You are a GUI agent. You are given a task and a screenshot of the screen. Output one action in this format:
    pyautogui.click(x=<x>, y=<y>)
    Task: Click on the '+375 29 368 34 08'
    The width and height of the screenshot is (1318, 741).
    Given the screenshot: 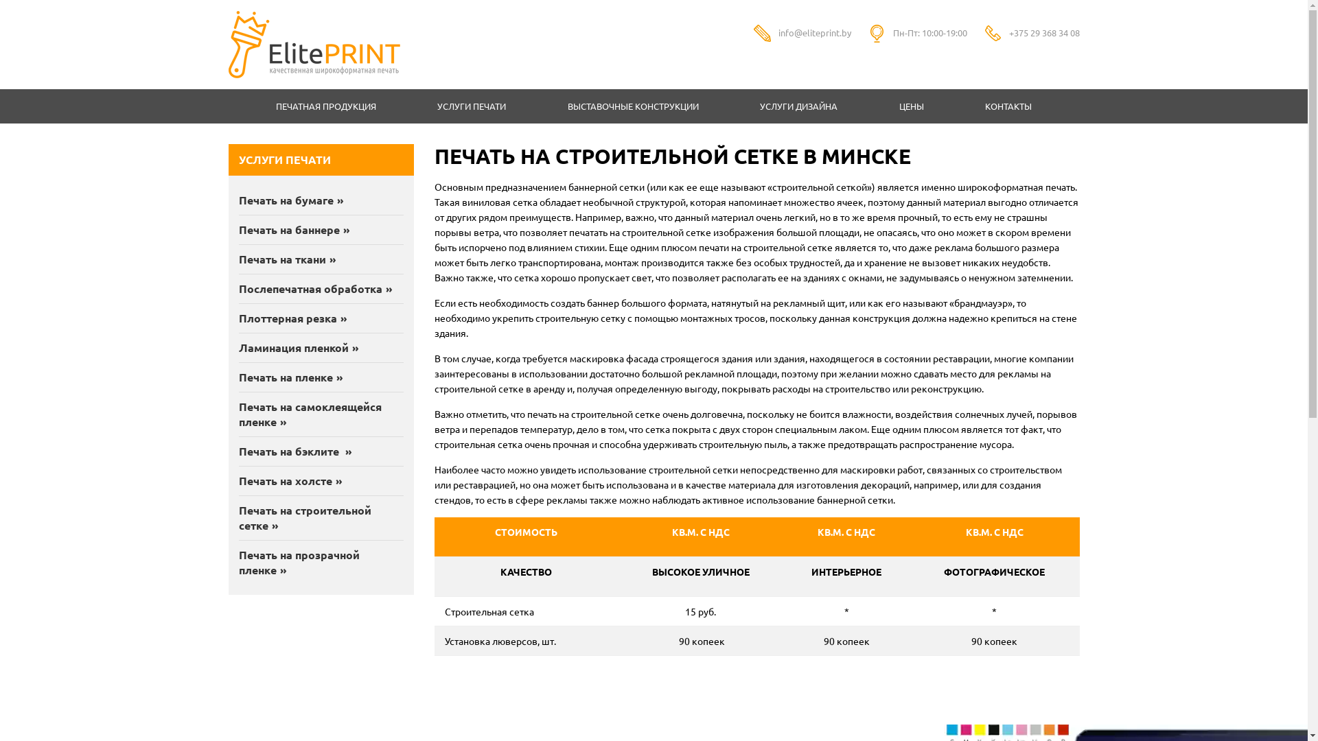 What is the action you would take?
    pyautogui.click(x=1043, y=32)
    